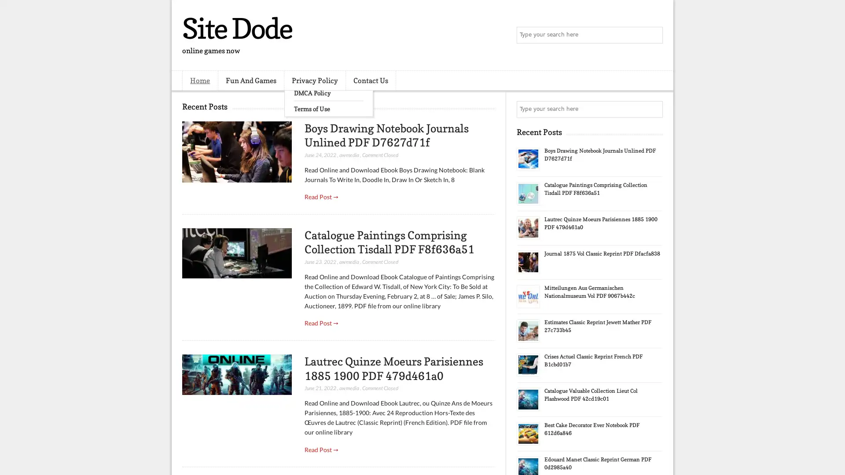 Image resolution: width=845 pixels, height=475 pixels. Describe the element at coordinates (654, 35) in the screenshot. I see `Search` at that location.